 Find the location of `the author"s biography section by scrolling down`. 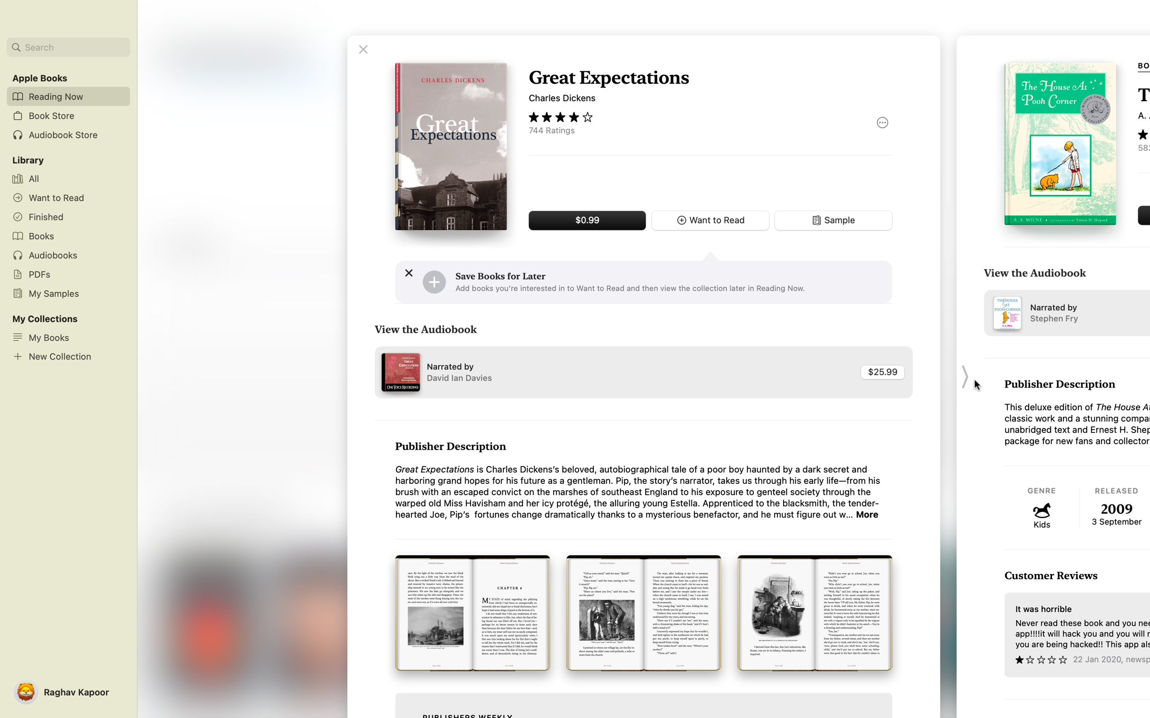

the author"s biography section by scrolling down is located at coordinates (2162000, 792672).